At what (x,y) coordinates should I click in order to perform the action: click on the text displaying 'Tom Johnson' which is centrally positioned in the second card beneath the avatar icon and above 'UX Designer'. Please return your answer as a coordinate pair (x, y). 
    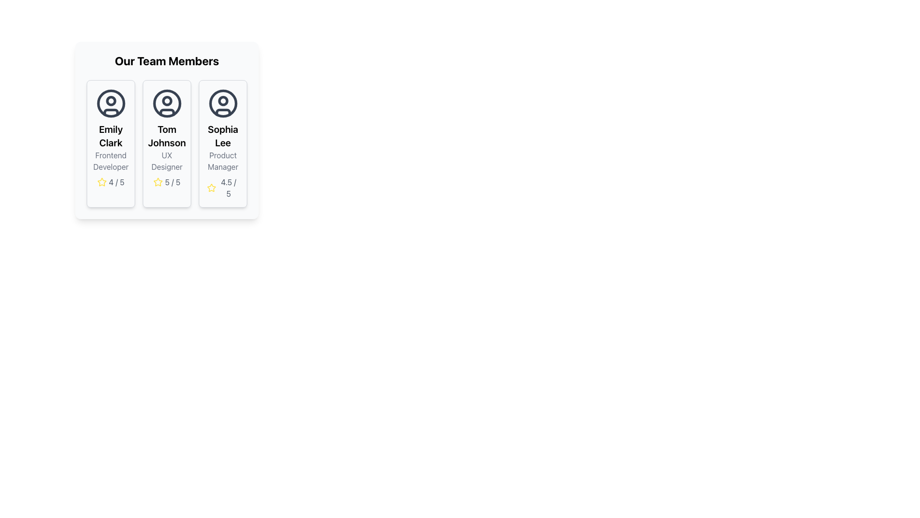
    Looking at the image, I should click on (167, 136).